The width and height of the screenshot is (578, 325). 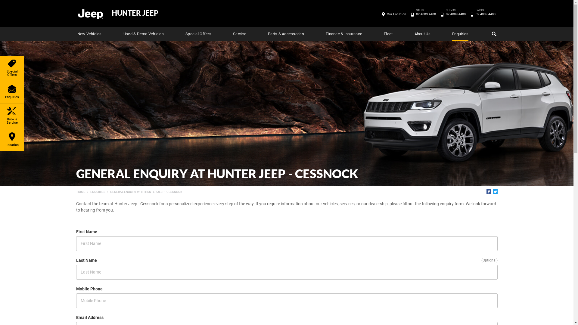 I want to click on 'PARTS, so click(x=485, y=14).